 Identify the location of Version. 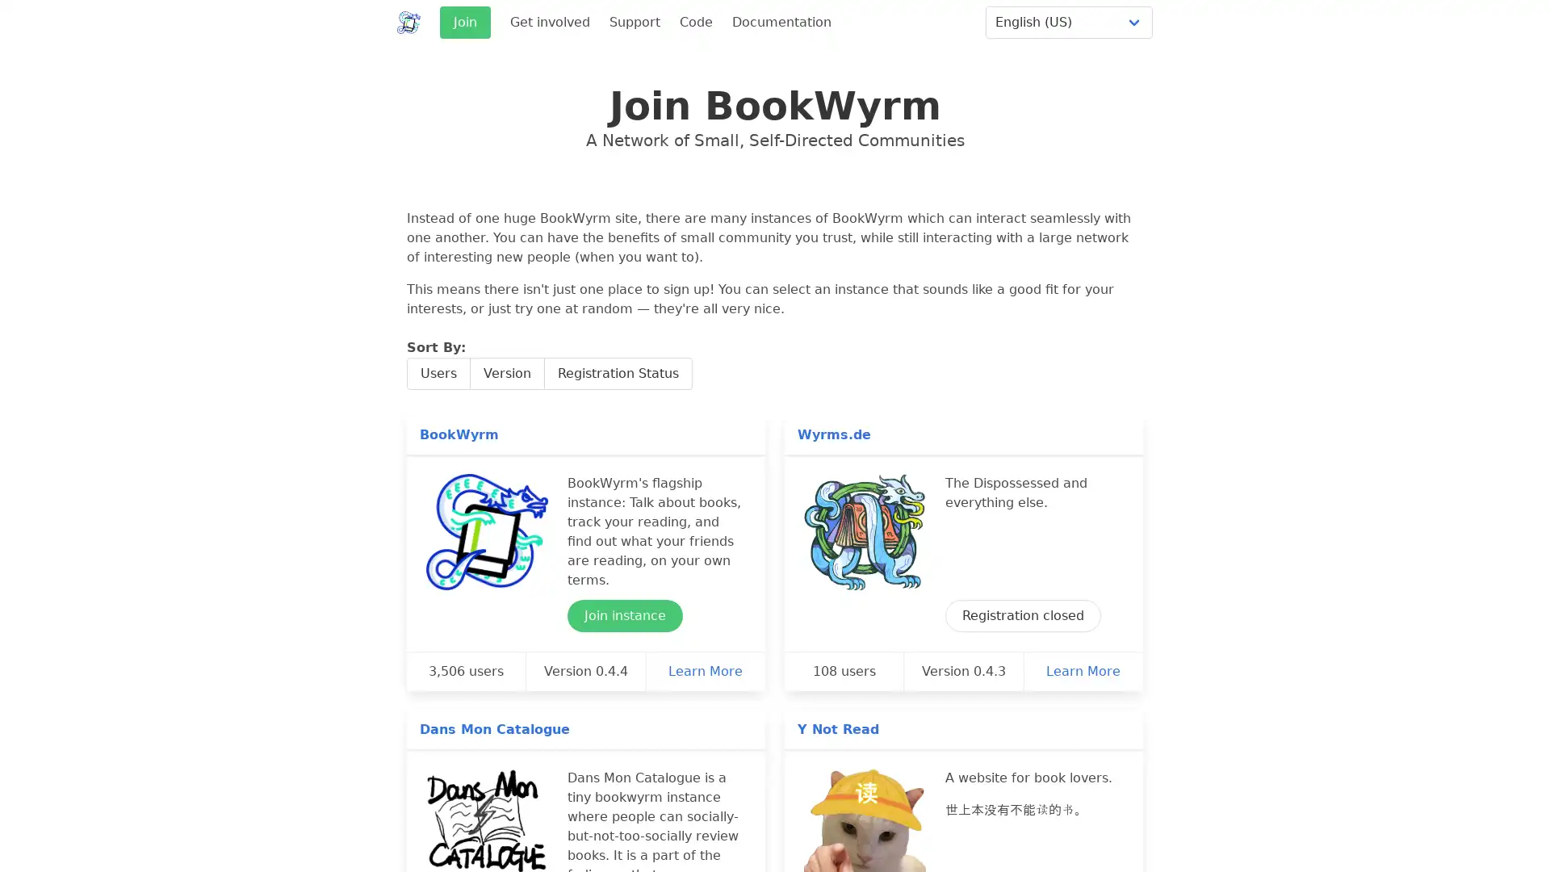
(506, 373).